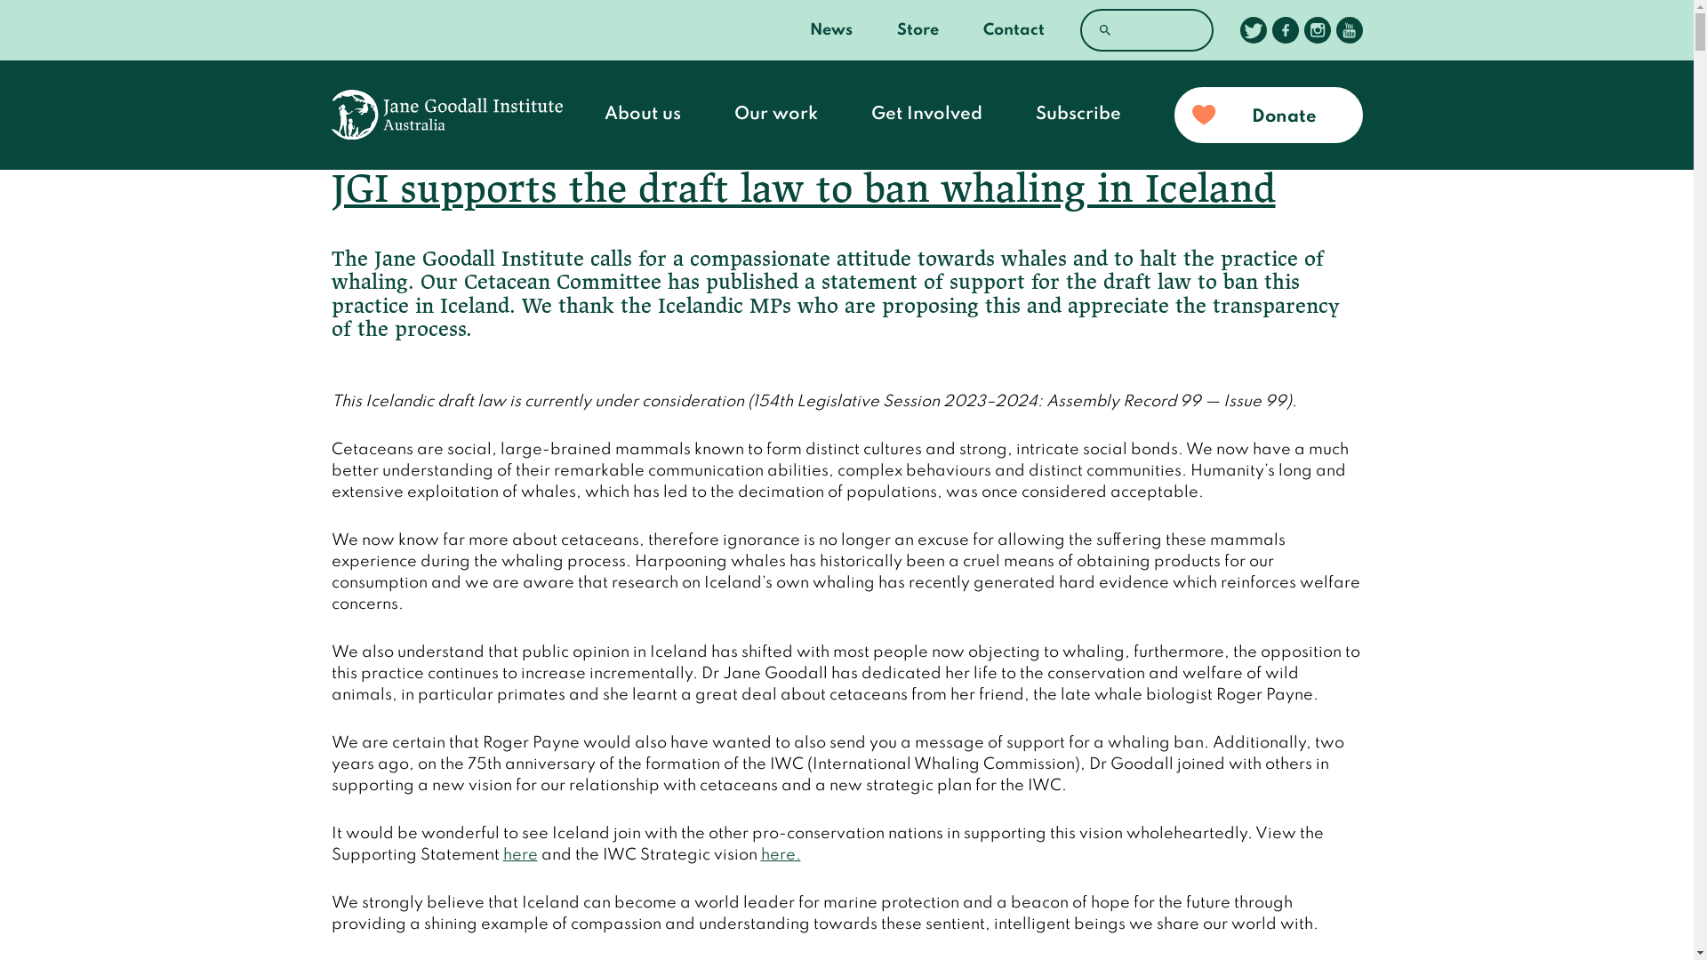  Describe the element at coordinates (1348, 30) in the screenshot. I see `'Follow us on Youtube'` at that location.